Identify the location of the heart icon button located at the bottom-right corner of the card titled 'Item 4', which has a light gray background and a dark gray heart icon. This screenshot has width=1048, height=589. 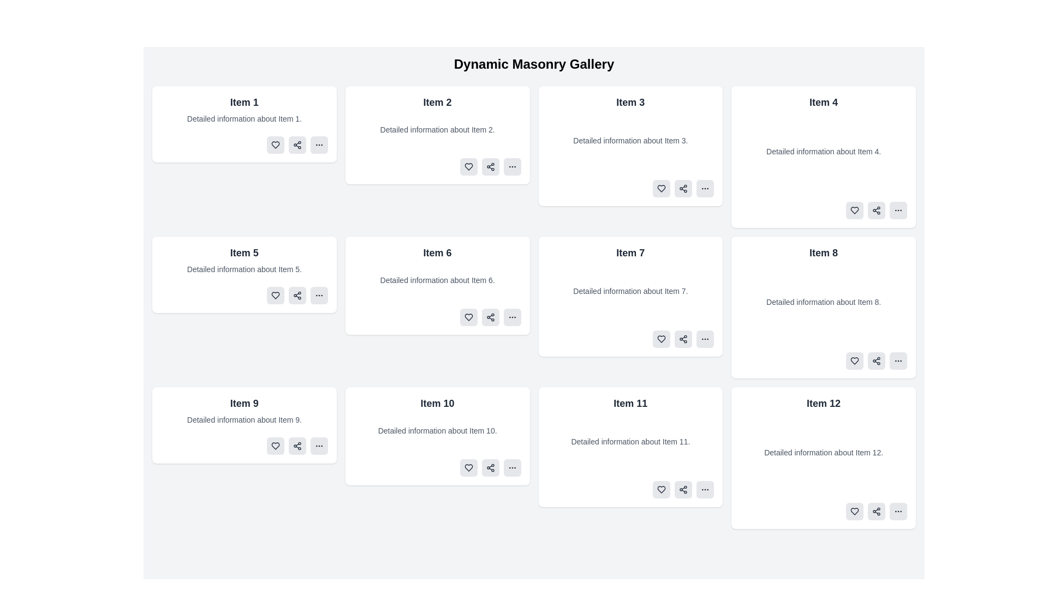
(854, 210).